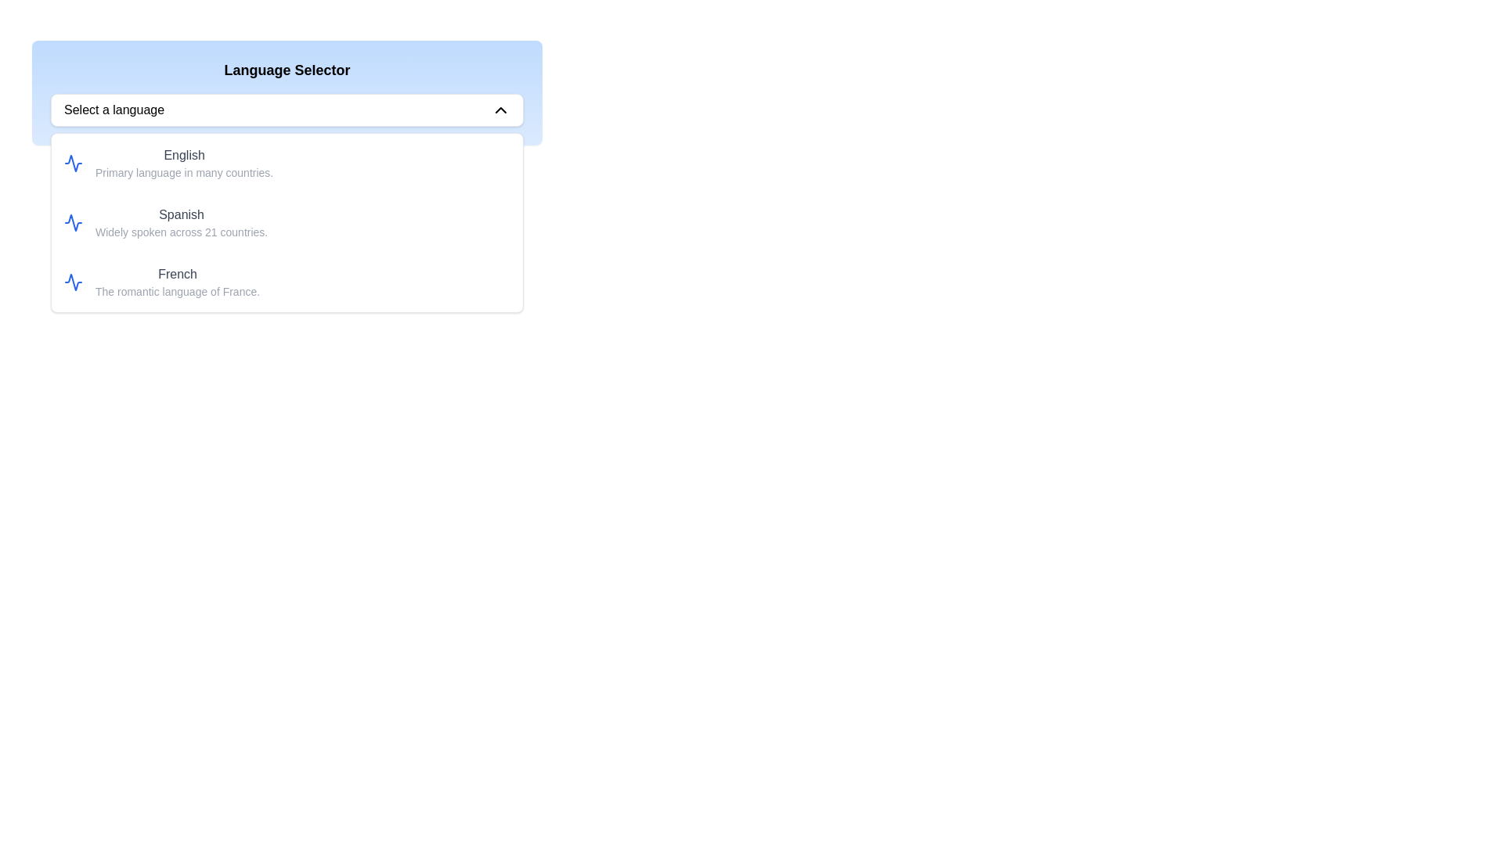 The width and height of the screenshot is (1503, 845). I want to click on the first item in the language selector dropdown menu labeled 'Language Selector', so click(184, 163).